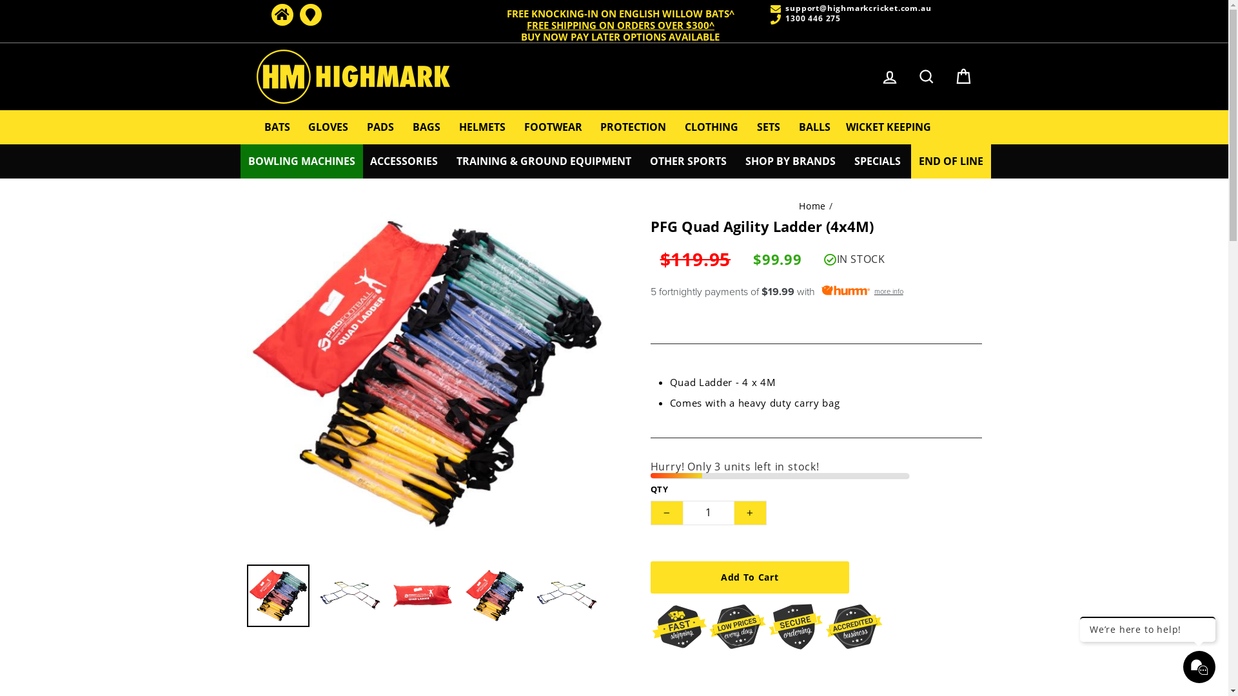  Describe the element at coordinates (620, 24) in the screenshot. I see `'FREE SHIPPING ON ORDERS OVER $300^'` at that location.